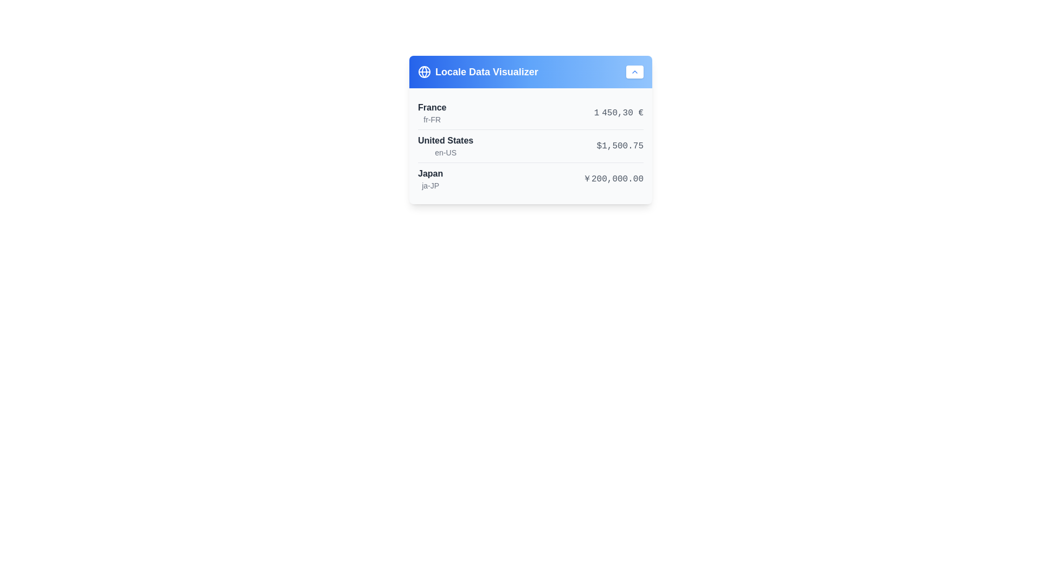 The image size is (1041, 585). What do you see at coordinates (486, 71) in the screenshot?
I see `the bold, large-sized text label 'Locale Data Visualizer', which is white in color and centrally located in the blue gradient header section` at bounding box center [486, 71].